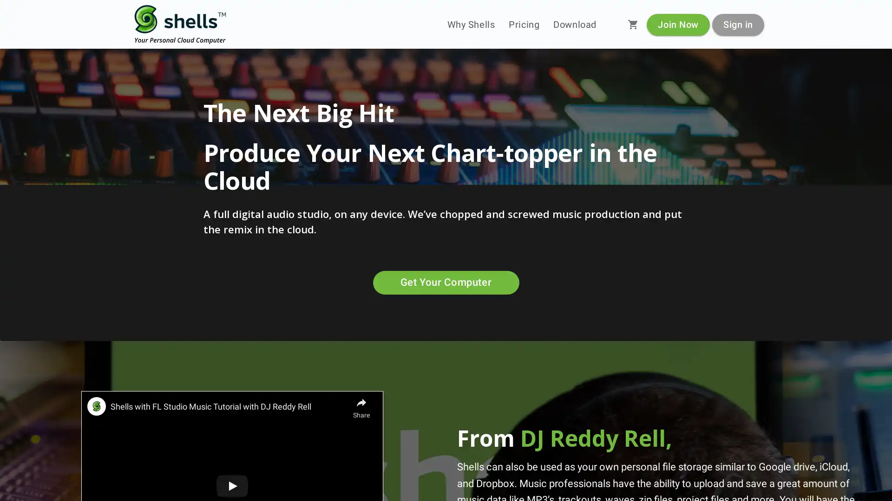 This screenshot has width=892, height=501. I want to click on Pricing, so click(524, 24).